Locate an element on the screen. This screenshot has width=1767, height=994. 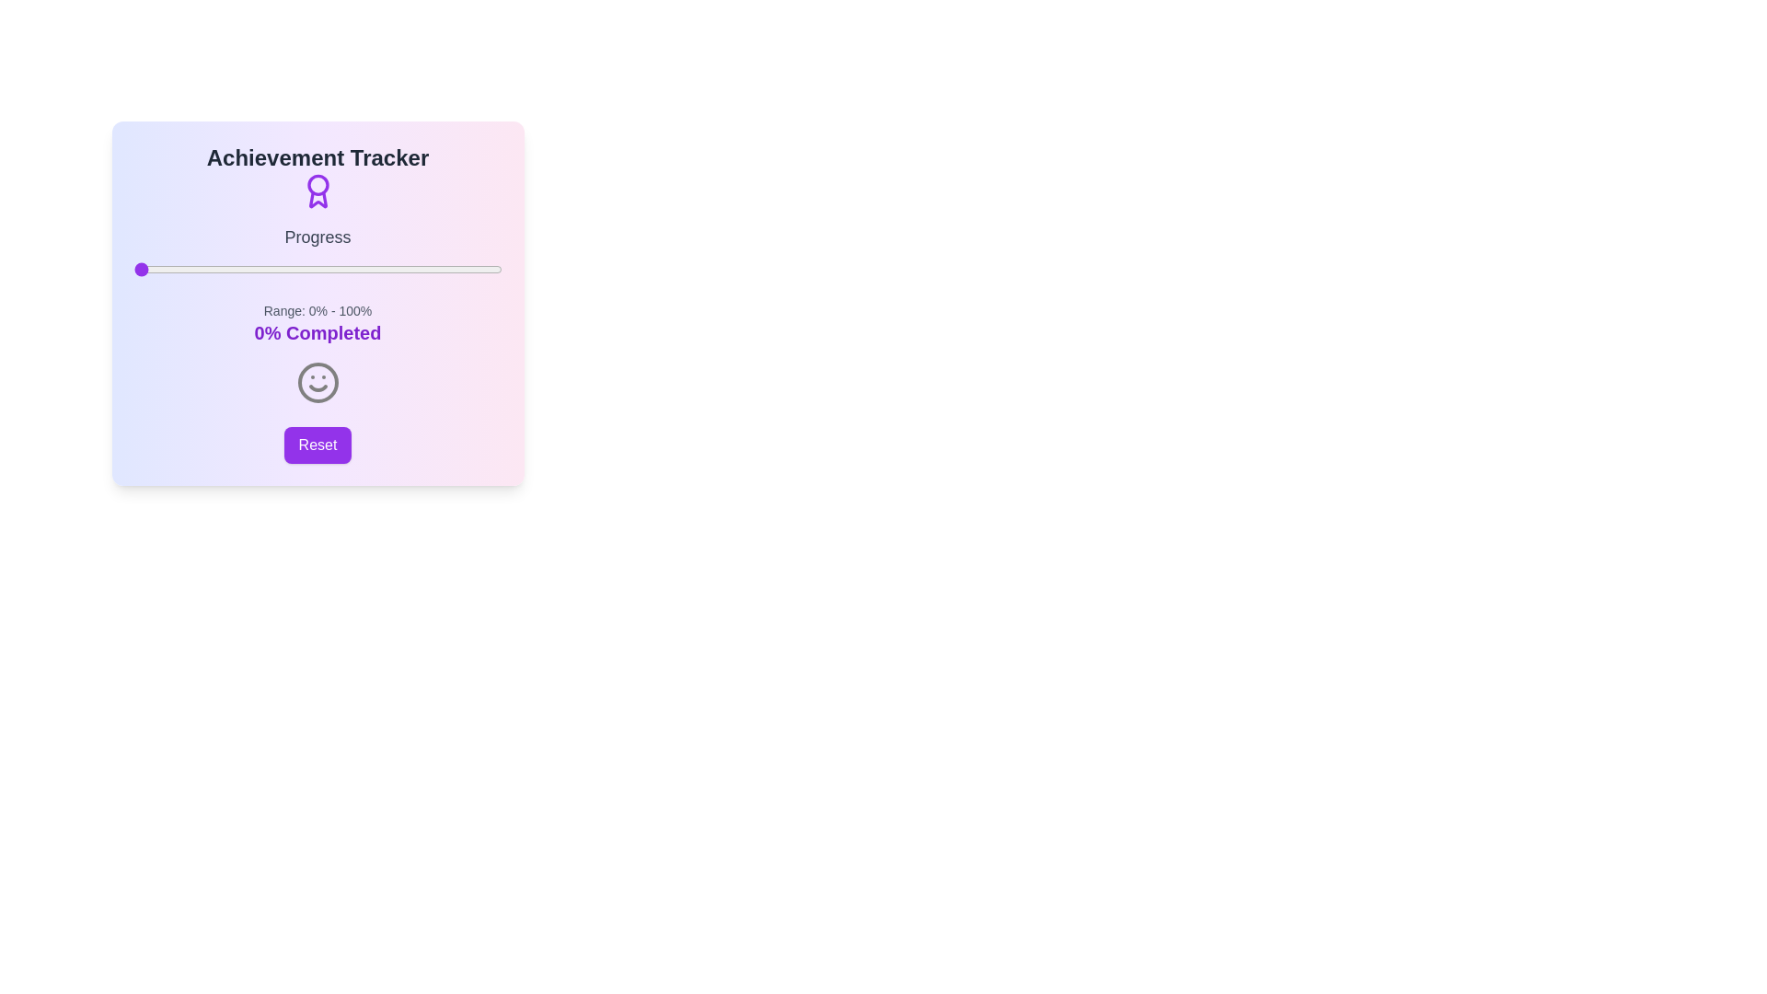
reset button to reset the progress is located at coordinates (318, 445).